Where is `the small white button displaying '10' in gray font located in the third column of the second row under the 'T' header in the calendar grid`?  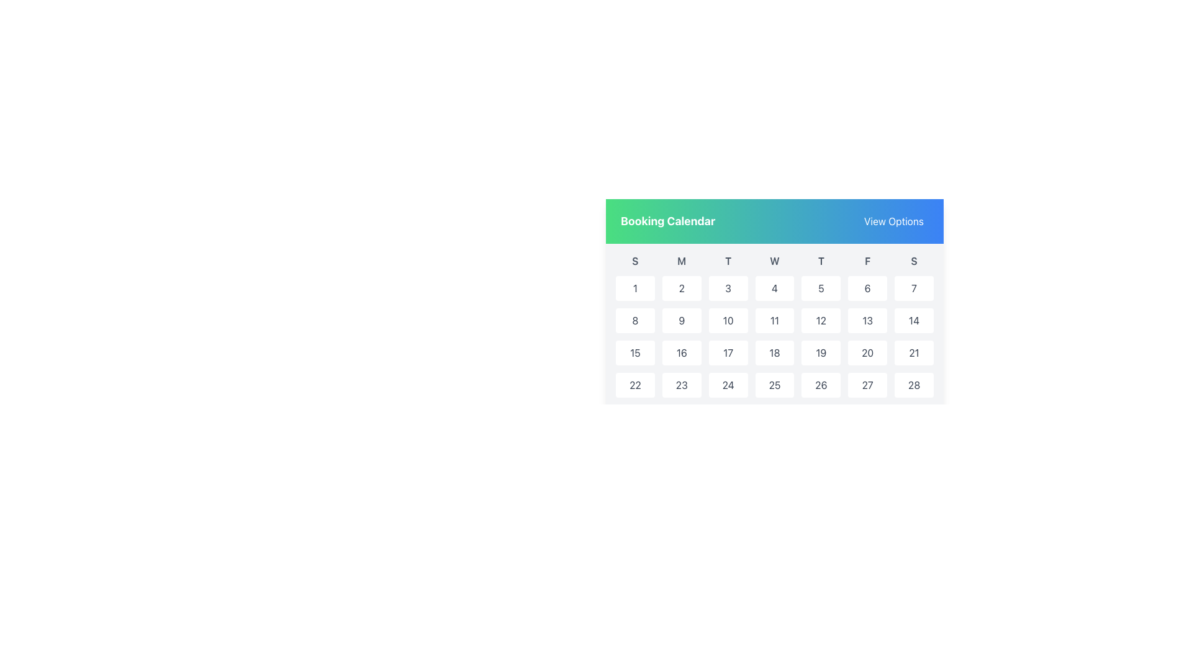 the small white button displaying '10' in gray font located in the third column of the second row under the 'T' header in the calendar grid is located at coordinates (728, 319).